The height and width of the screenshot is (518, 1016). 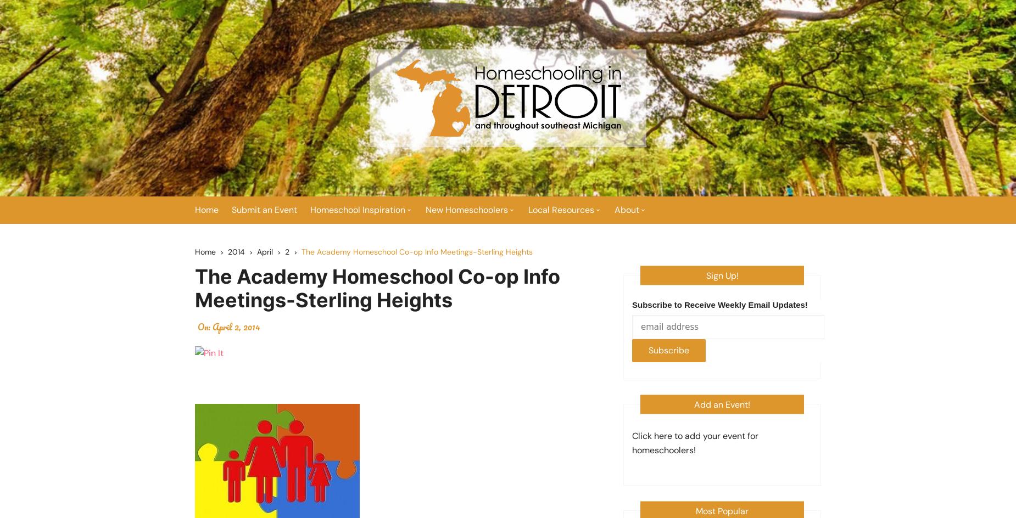 I want to click on 'Local Resources', so click(x=528, y=210).